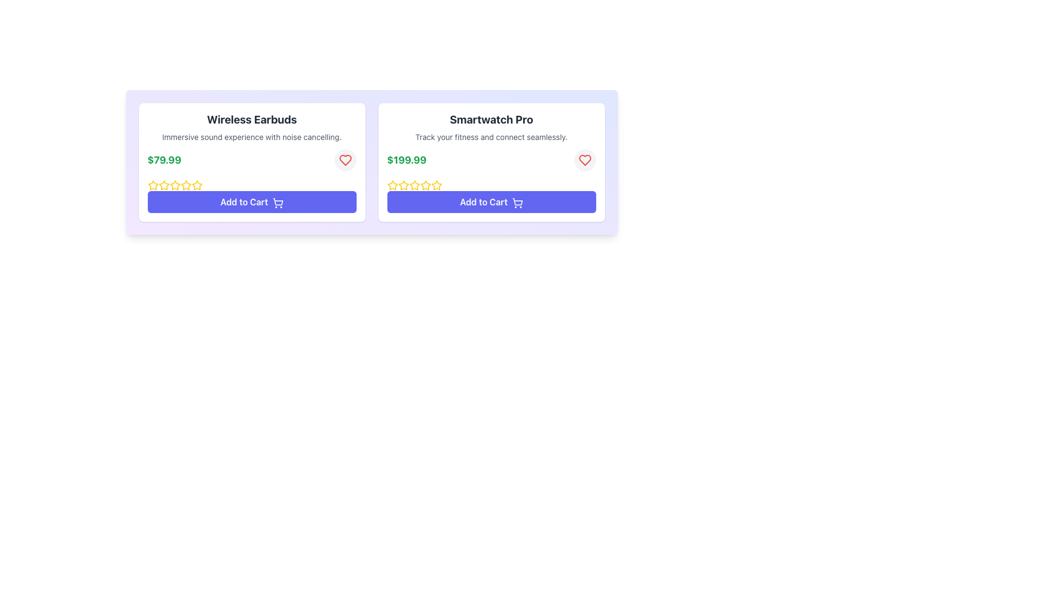 The image size is (1055, 593). What do you see at coordinates (345, 160) in the screenshot?
I see `the red heart icon` at bounding box center [345, 160].